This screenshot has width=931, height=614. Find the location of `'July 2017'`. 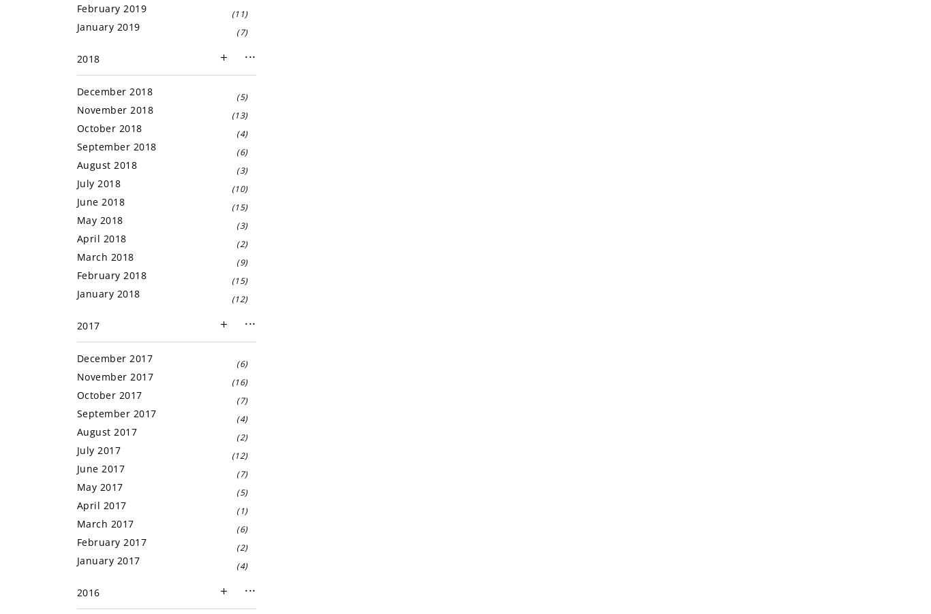

'July 2017' is located at coordinates (97, 449).